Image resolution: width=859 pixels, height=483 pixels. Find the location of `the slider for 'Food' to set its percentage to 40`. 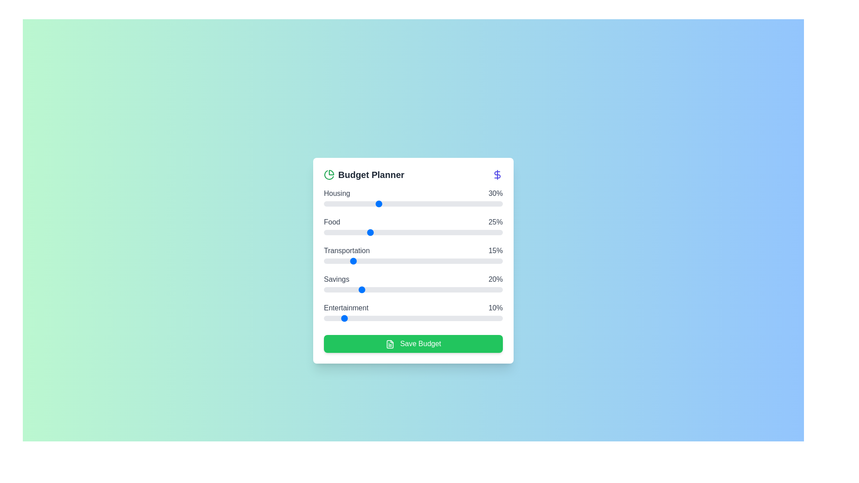

the slider for 'Food' to set its percentage to 40 is located at coordinates (395, 232).